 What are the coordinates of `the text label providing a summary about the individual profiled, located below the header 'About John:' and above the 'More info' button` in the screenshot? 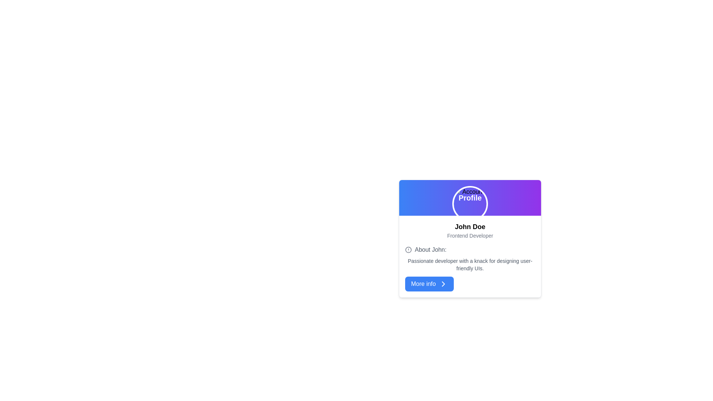 It's located at (470, 264).